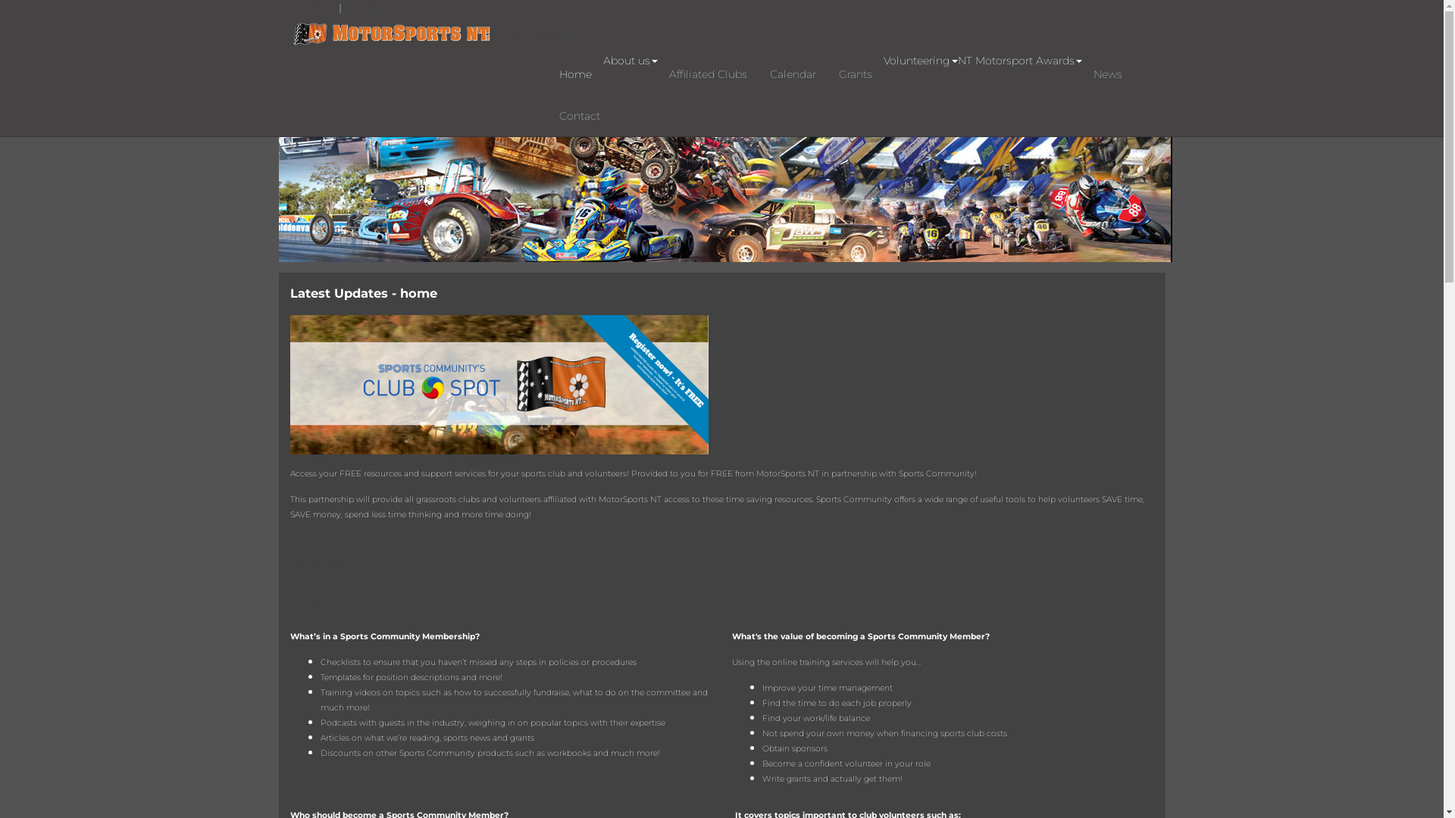 The height and width of the screenshot is (818, 1455). What do you see at coordinates (312, 8) in the screenshot?
I see `'Email us'` at bounding box center [312, 8].